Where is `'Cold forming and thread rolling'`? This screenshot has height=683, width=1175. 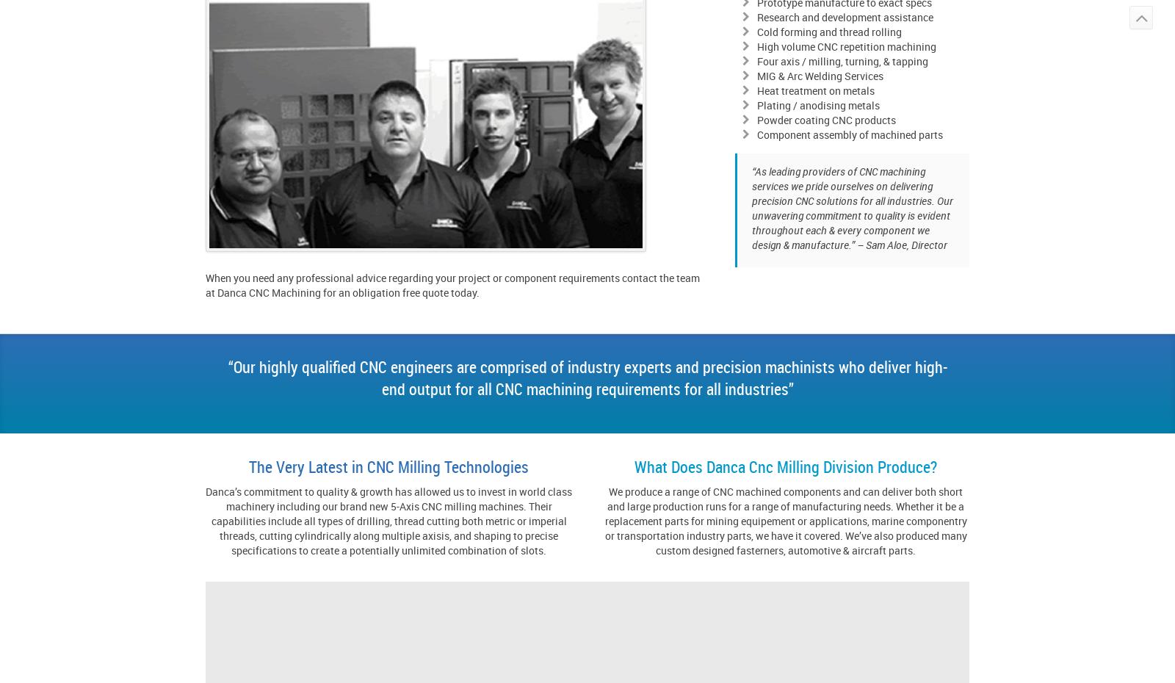
'Cold forming and thread rolling' is located at coordinates (829, 31).